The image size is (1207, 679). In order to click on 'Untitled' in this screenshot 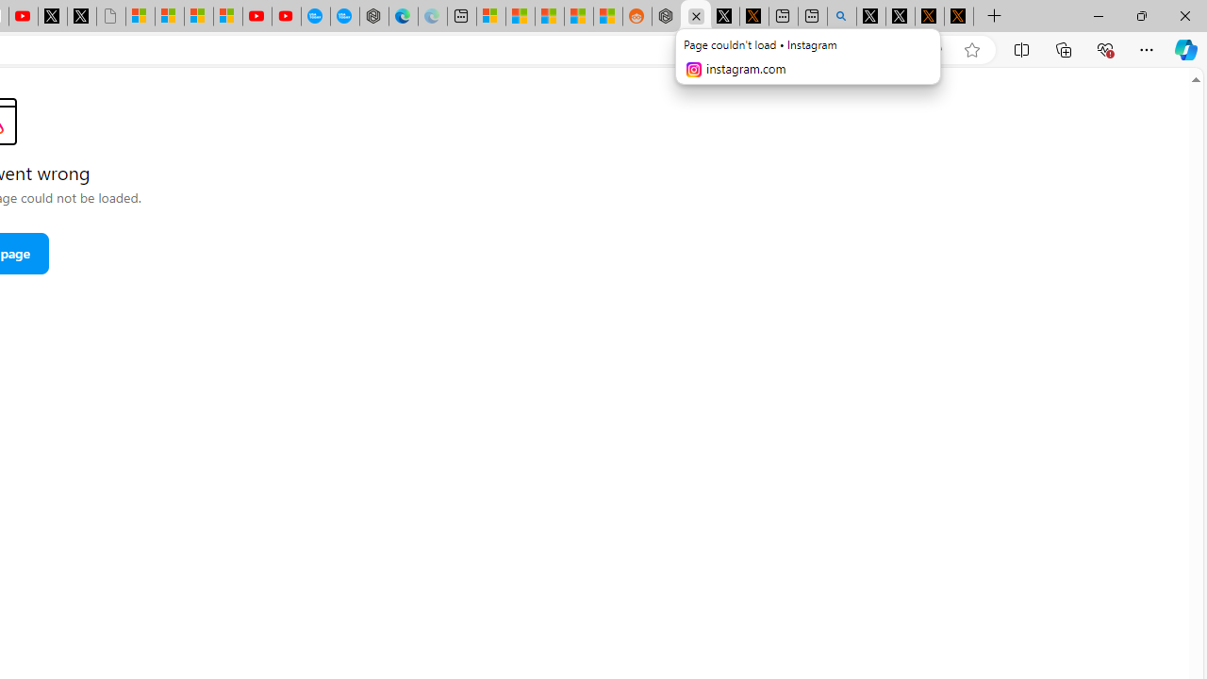, I will do `click(109, 16)`.